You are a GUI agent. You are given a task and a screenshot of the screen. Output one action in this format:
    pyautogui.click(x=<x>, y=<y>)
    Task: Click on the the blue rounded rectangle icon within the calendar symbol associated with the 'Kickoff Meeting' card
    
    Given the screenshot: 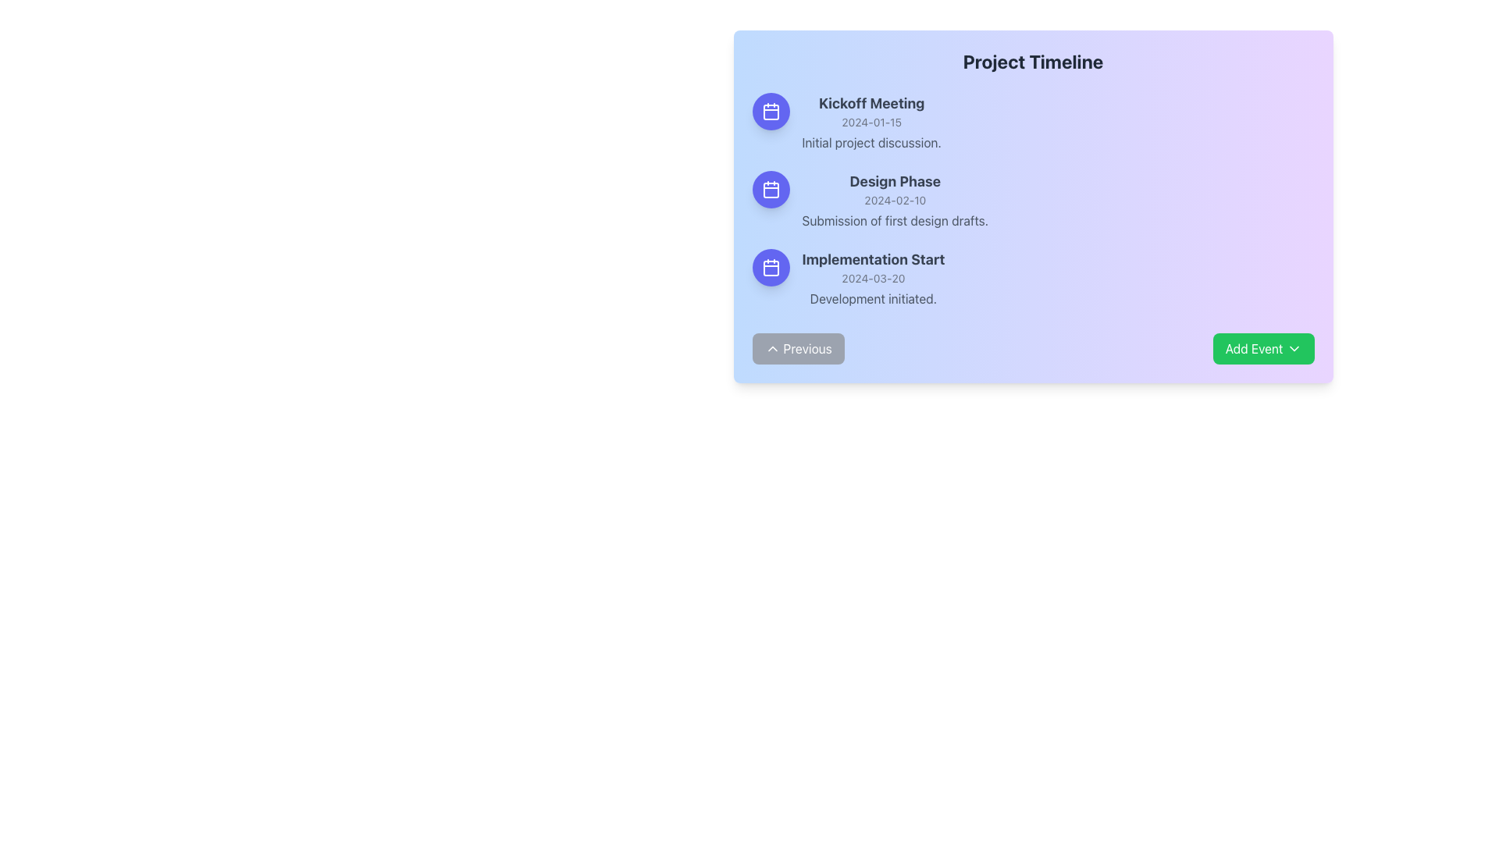 What is the action you would take?
    pyautogui.click(x=771, y=111)
    